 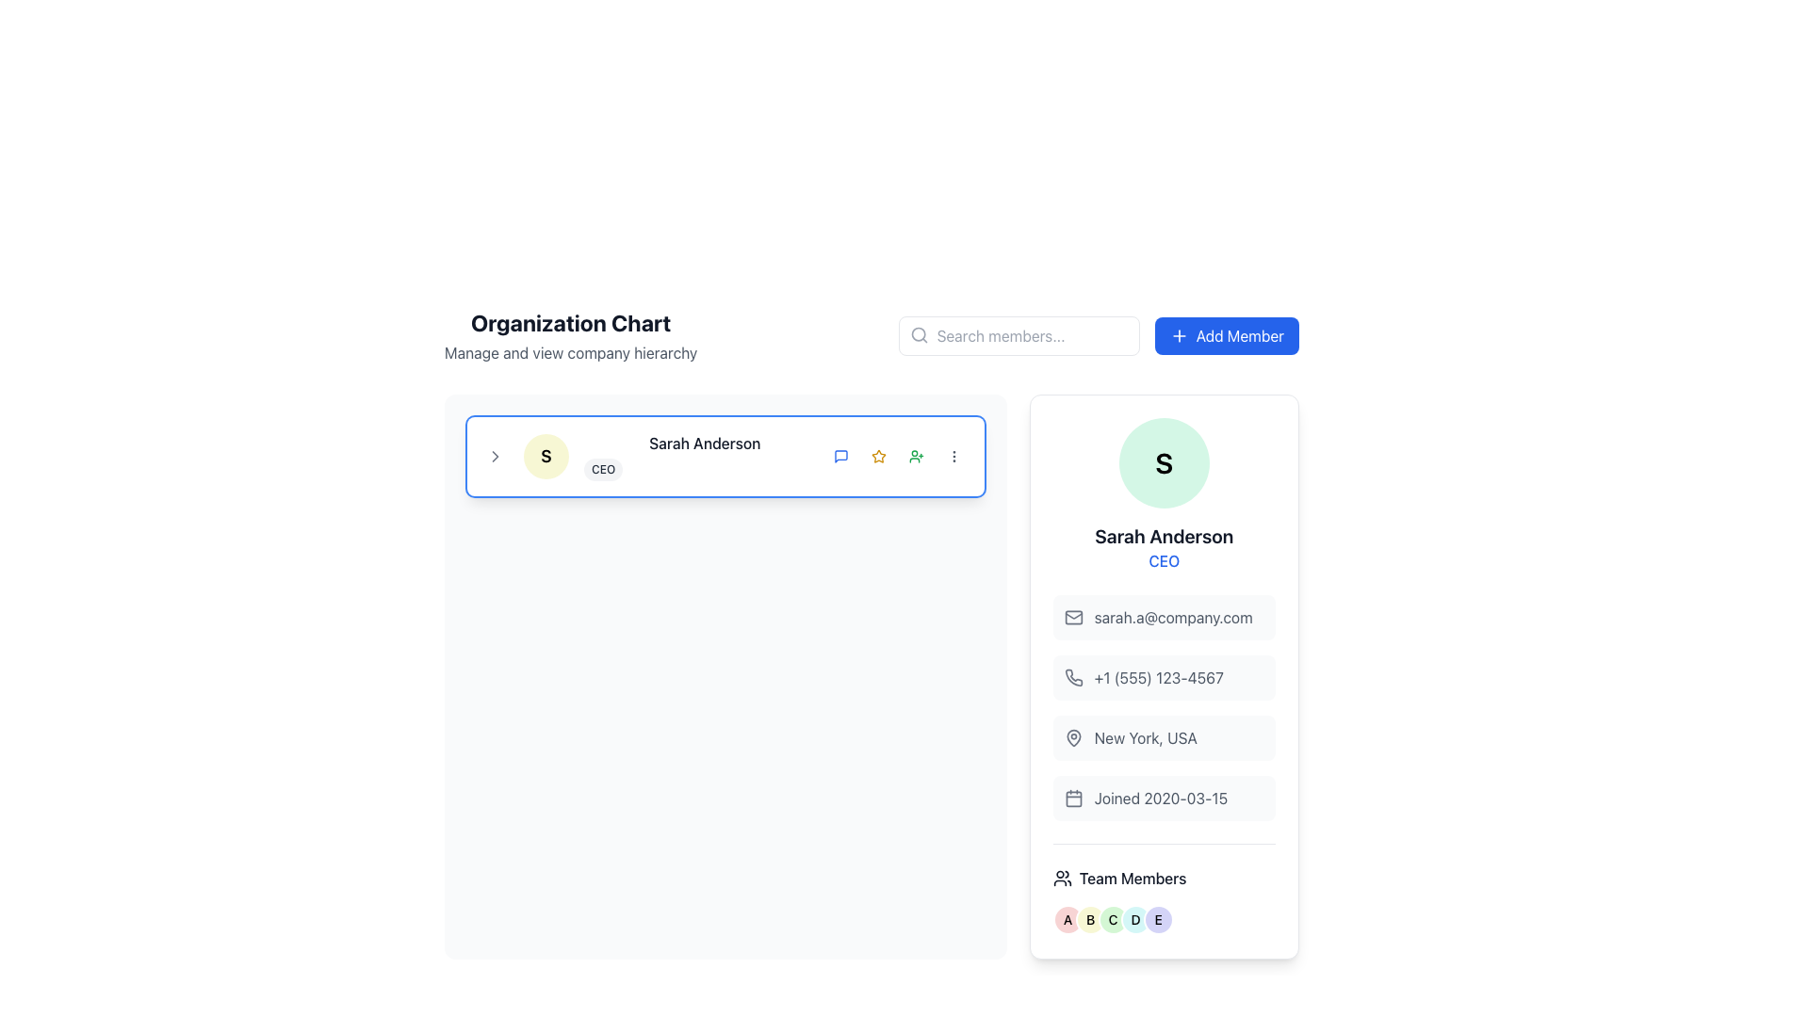 What do you see at coordinates (1157, 918) in the screenshot?
I see `the circular badge or icon representing the team member identified by the letter 'E', which is the fifth badge in the row of team member badges at the bottom of the rightmost panel` at bounding box center [1157, 918].